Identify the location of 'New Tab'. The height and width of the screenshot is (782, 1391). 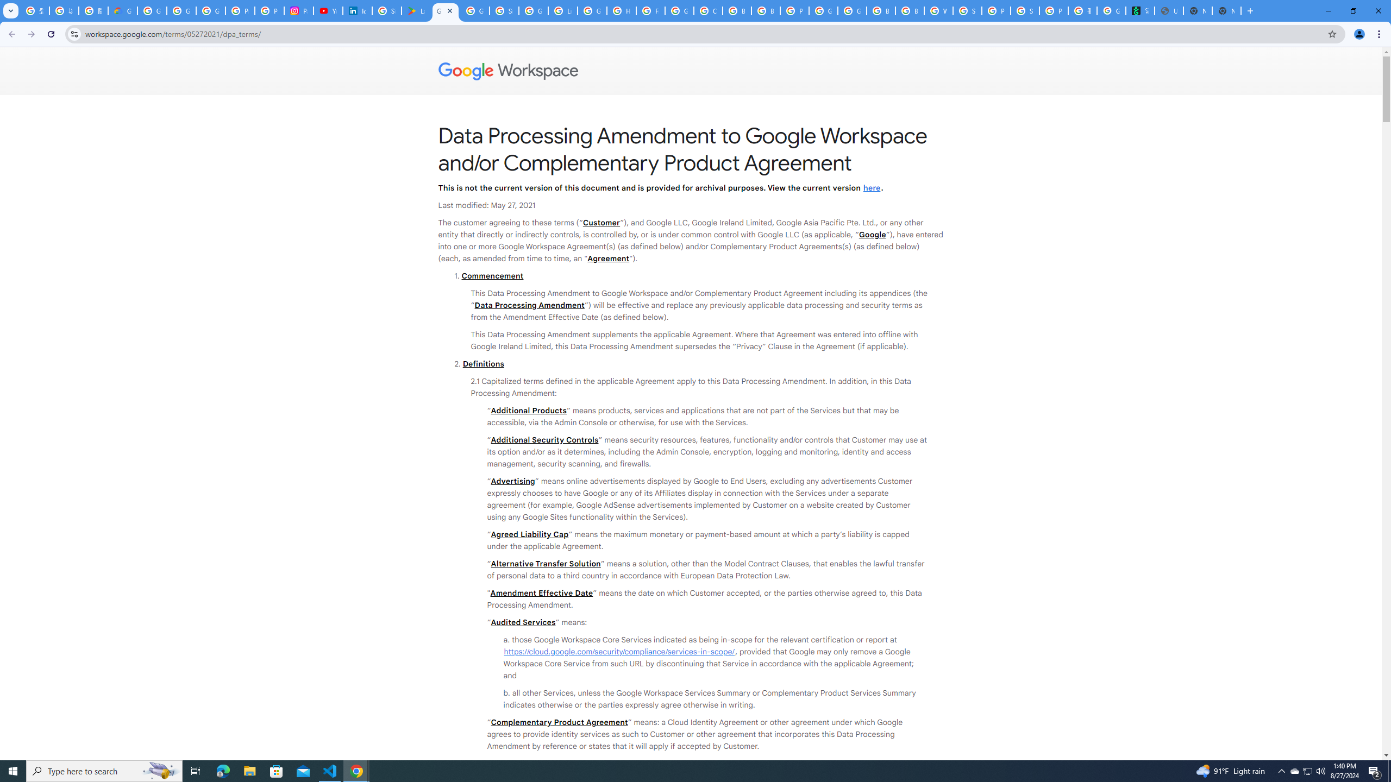
(1226, 10).